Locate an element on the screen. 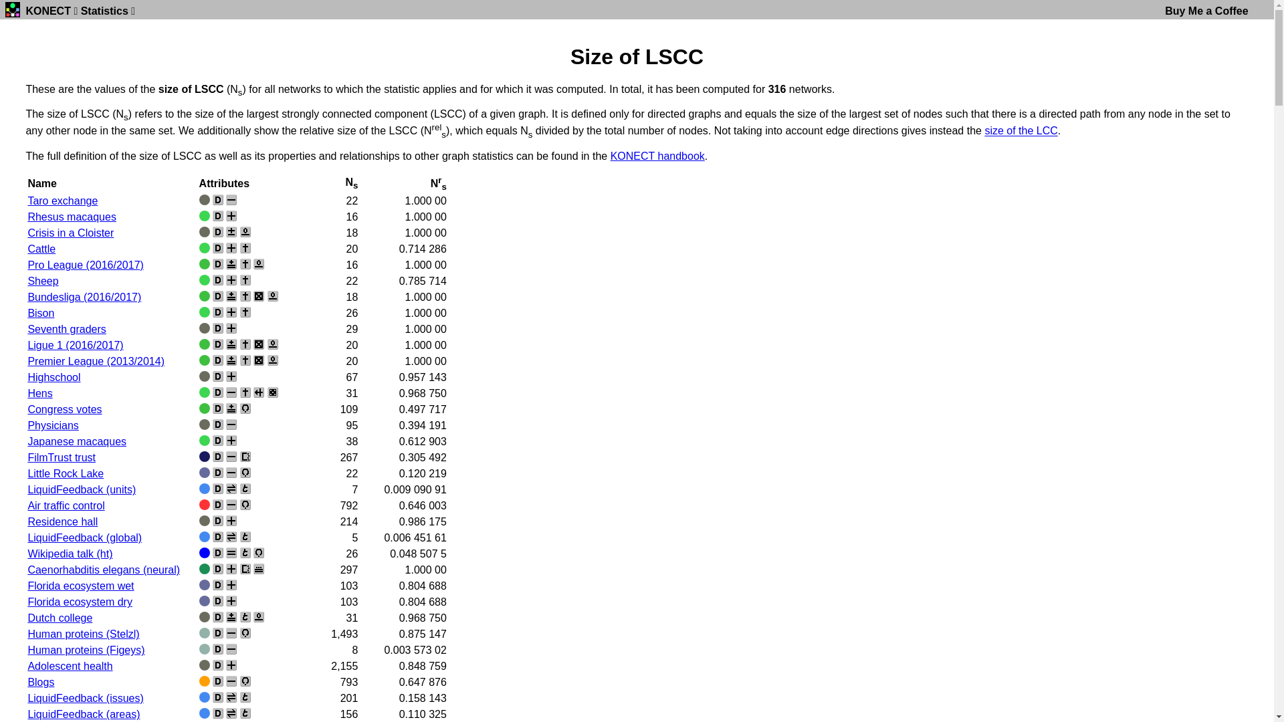 The width and height of the screenshot is (1284, 722). 'Congress votes' is located at coordinates (64, 408).